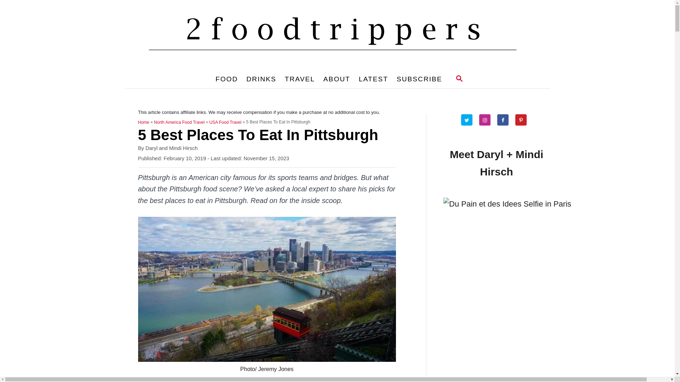 This screenshot has height=382, width=680. Describe the element at coordinates (336, 79) in the screenshot. I see `'ABOUT'` at that location.